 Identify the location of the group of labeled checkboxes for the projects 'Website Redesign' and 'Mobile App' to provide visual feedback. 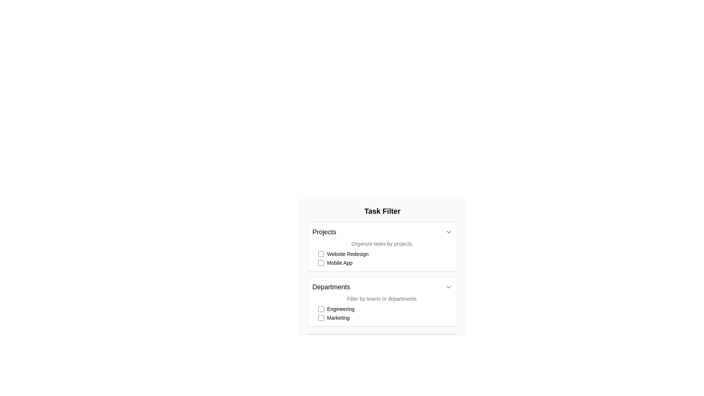
(385, 258).